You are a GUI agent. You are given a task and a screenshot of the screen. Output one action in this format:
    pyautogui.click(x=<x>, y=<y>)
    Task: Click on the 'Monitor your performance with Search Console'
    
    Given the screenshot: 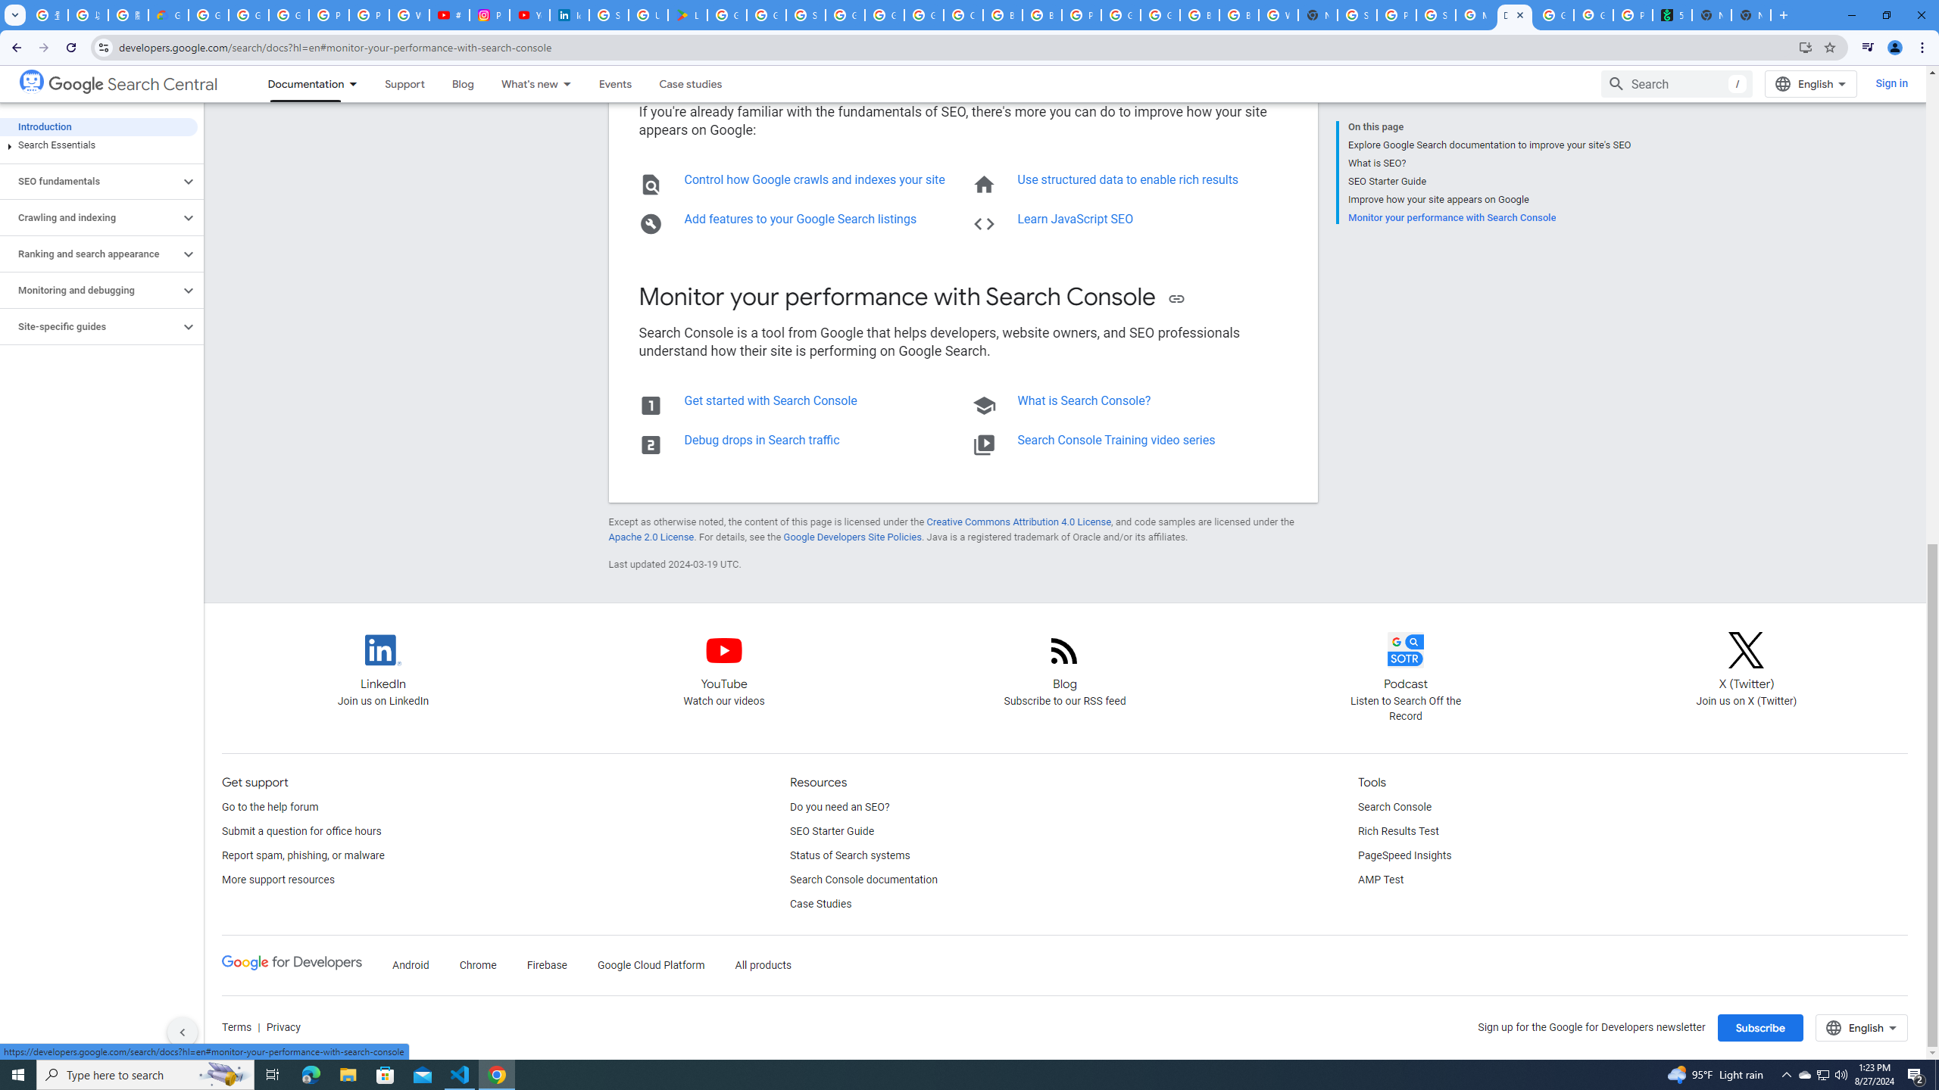 What is the action you would take?
    pyautogui.click(x=1488, y=216)
    